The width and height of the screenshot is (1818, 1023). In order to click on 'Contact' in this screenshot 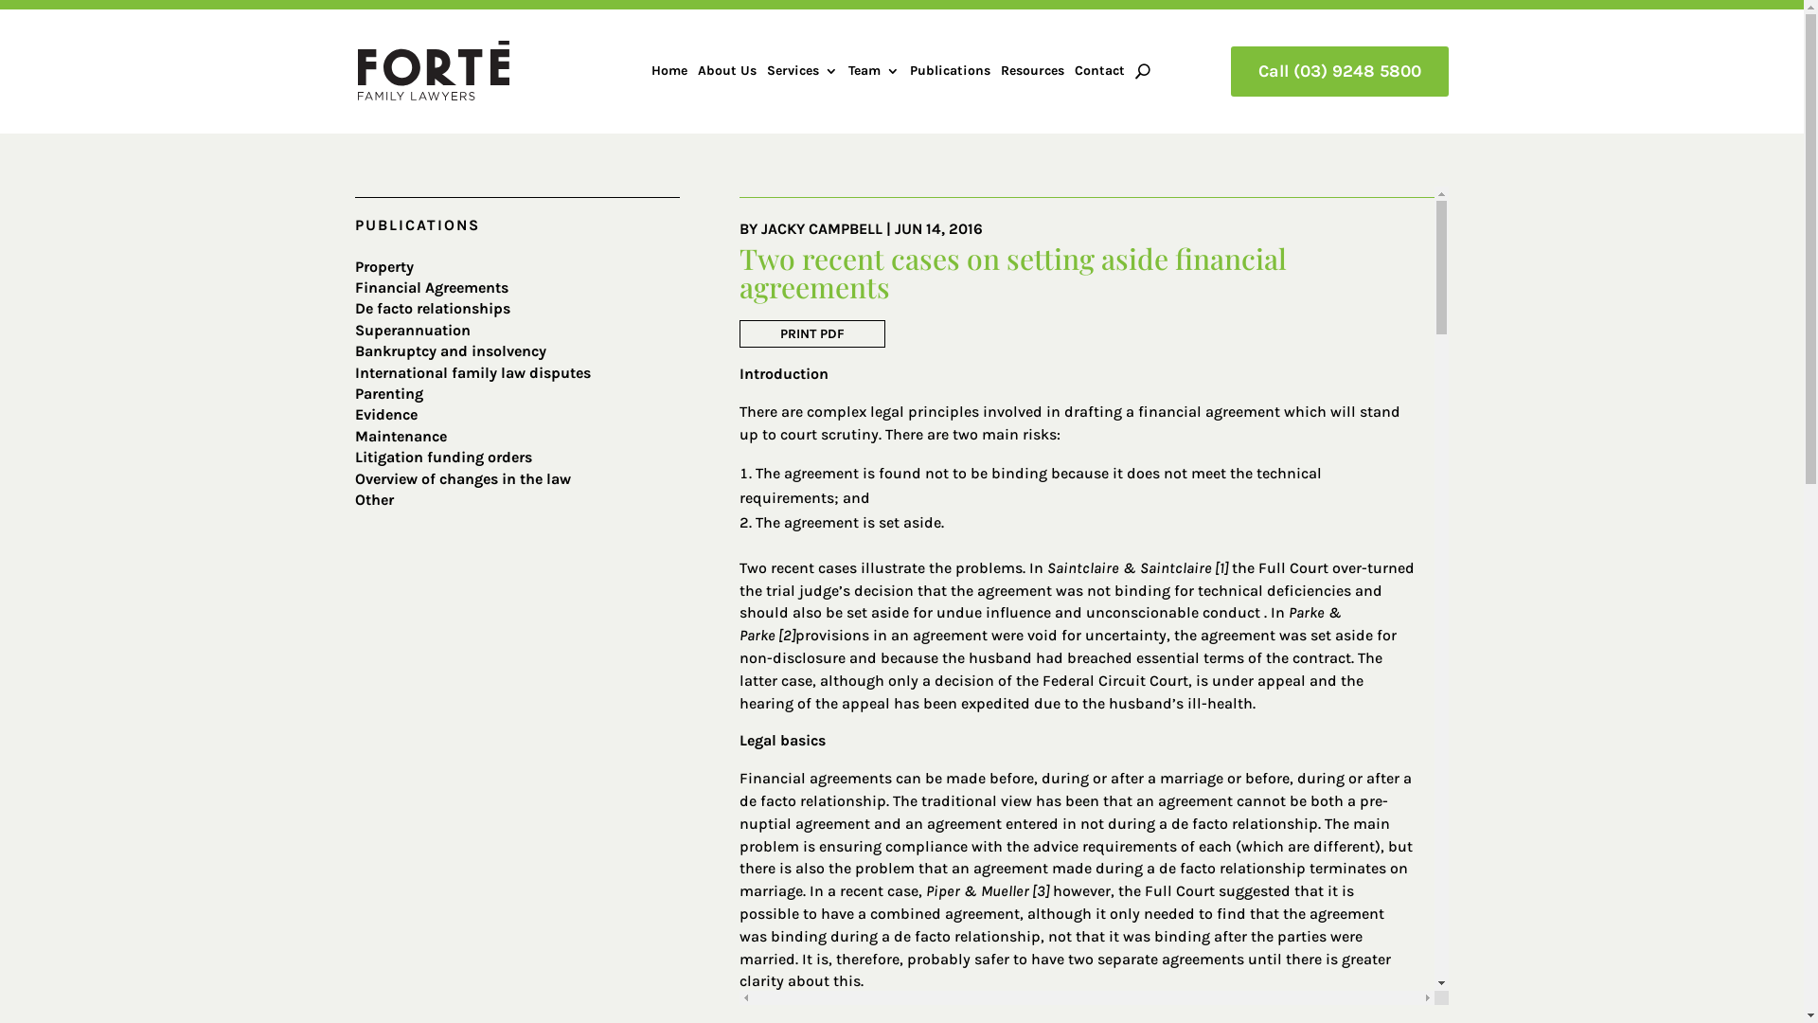, I will do `click(1074, 73)`.